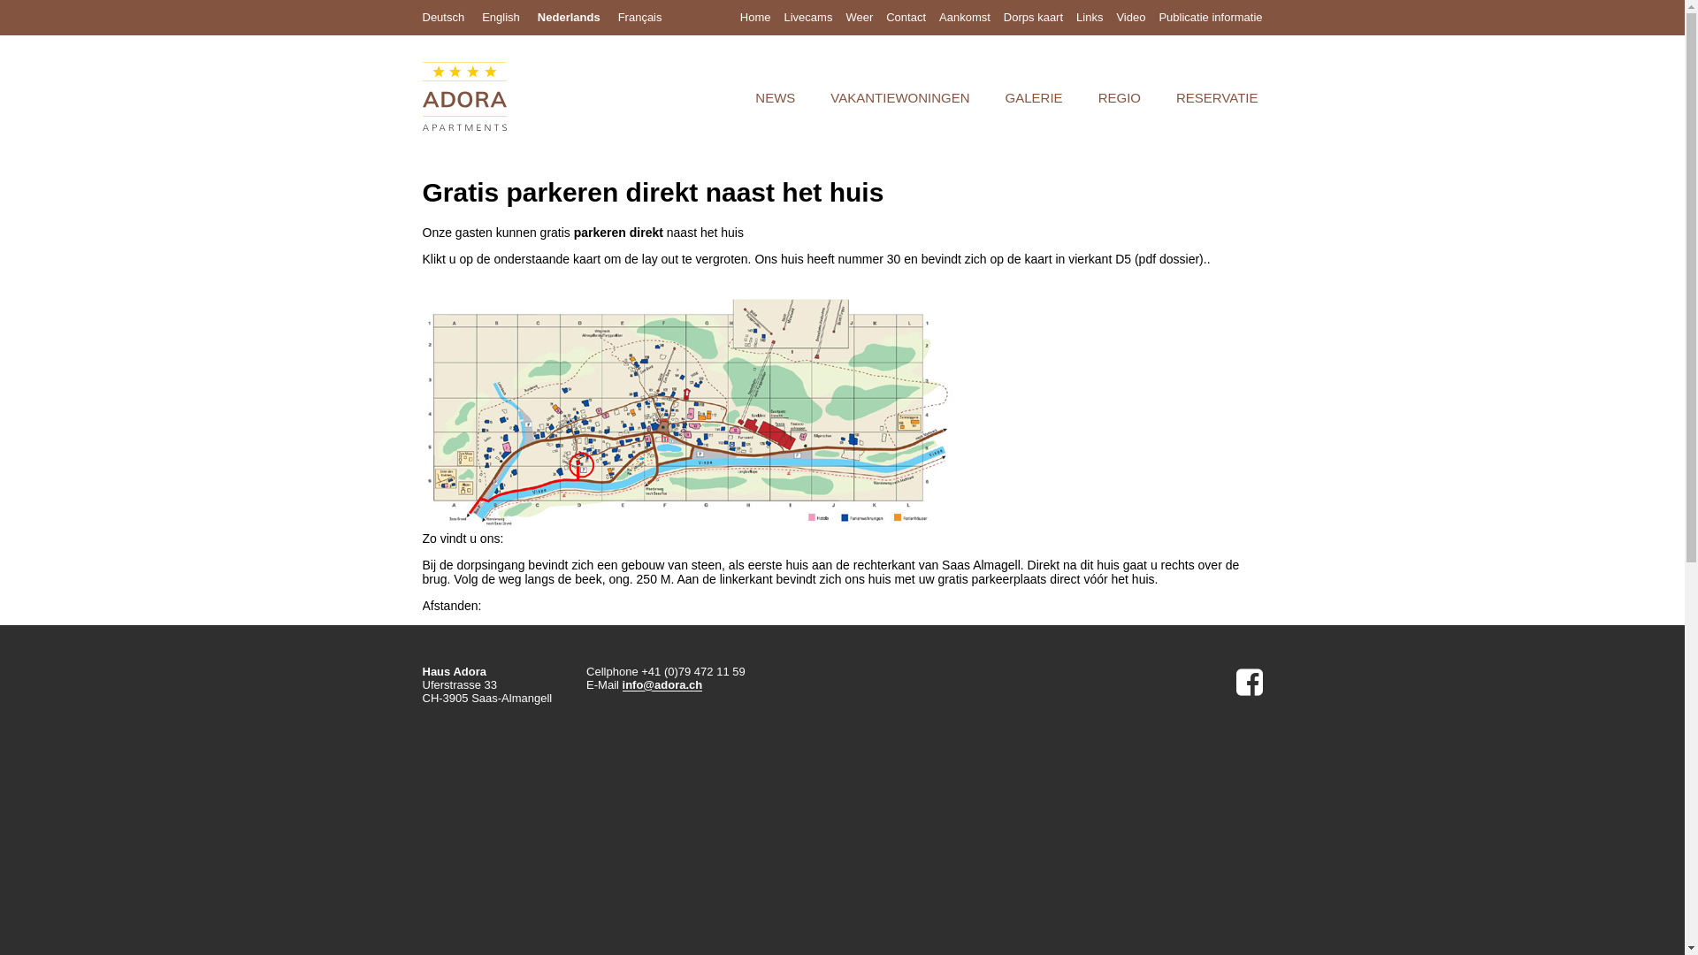 The height and width of the screenshot is (955, 1698). What do you see at coordinates (899, 97) in the screenshot?
I see `'VAKANTIEWONINGEN'` at bounding box center [899, 97].